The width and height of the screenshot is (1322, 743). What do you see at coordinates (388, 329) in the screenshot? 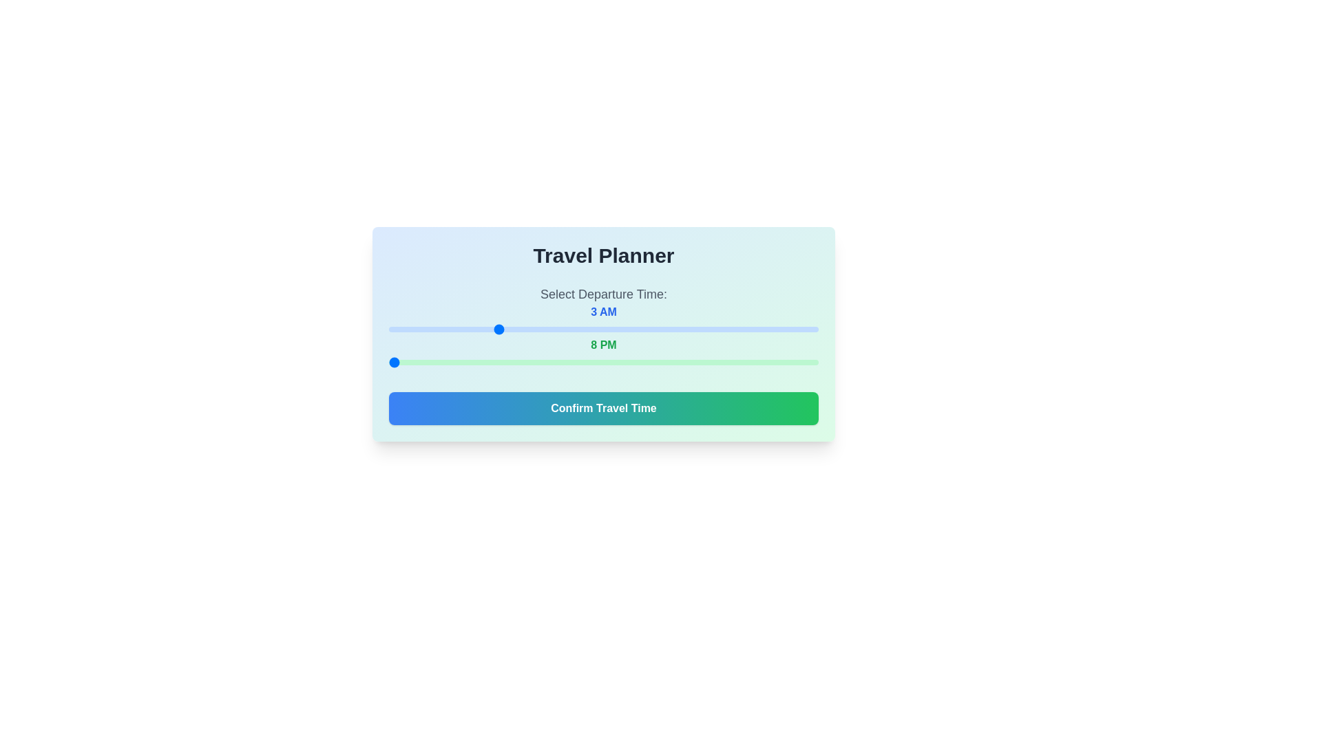
I see `departure time` at bounding box center [388, 329].